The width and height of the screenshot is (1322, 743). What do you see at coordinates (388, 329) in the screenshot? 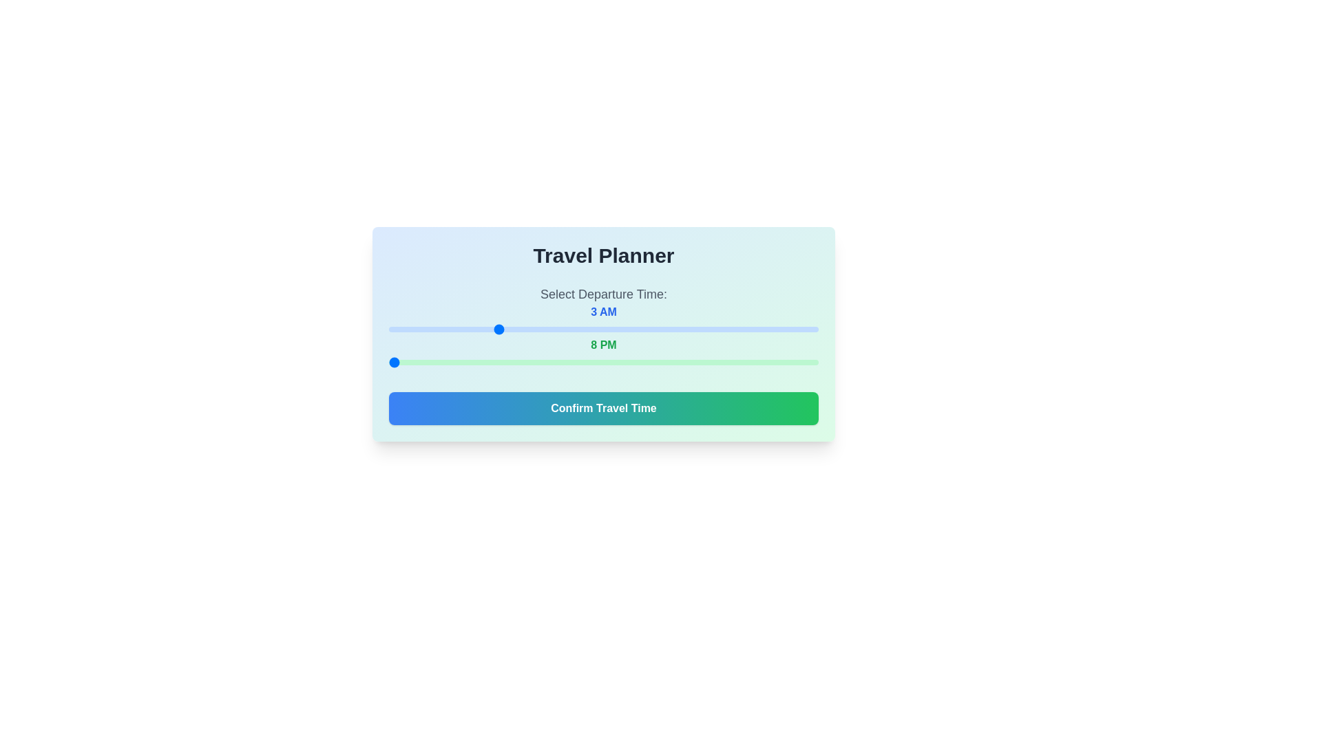
I see `departure time` at bounding box center [388, 329].